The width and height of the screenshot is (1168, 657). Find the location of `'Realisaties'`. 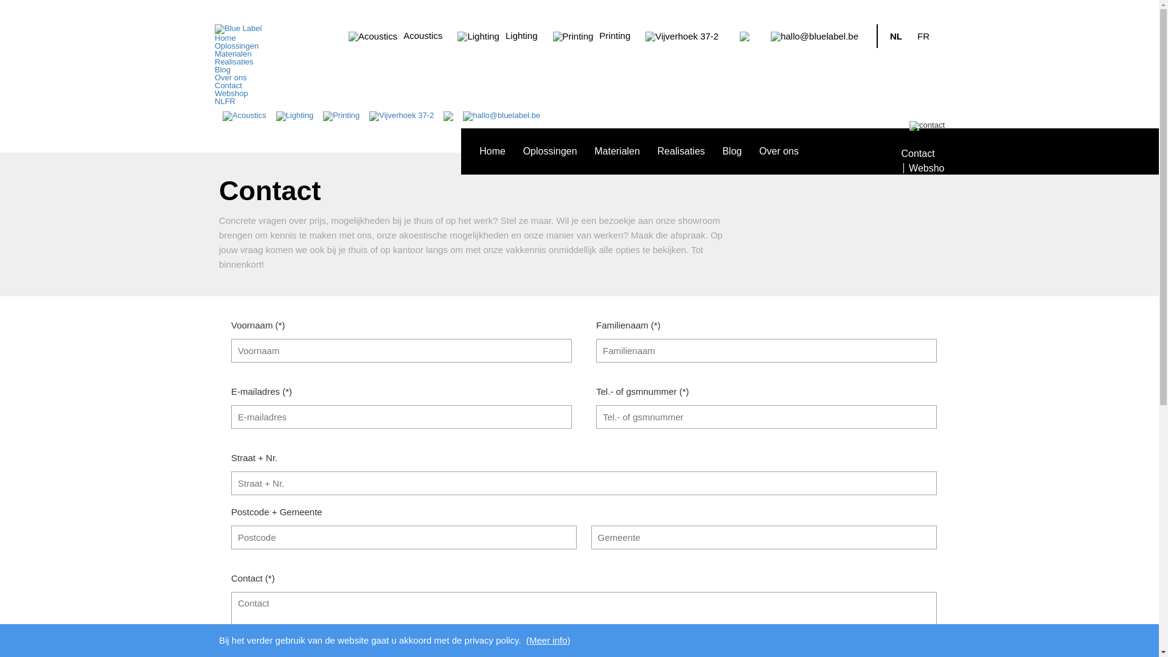

'Realisaties' is located at coordinates (234, 61).